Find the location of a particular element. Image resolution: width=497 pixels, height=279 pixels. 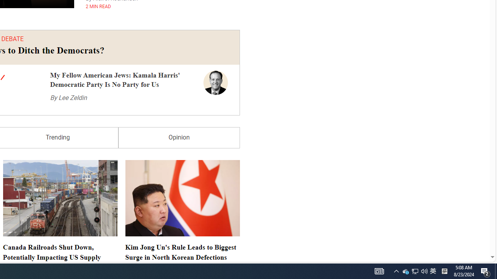

'Q2790: 100%' is located at coordinates (424, 270).